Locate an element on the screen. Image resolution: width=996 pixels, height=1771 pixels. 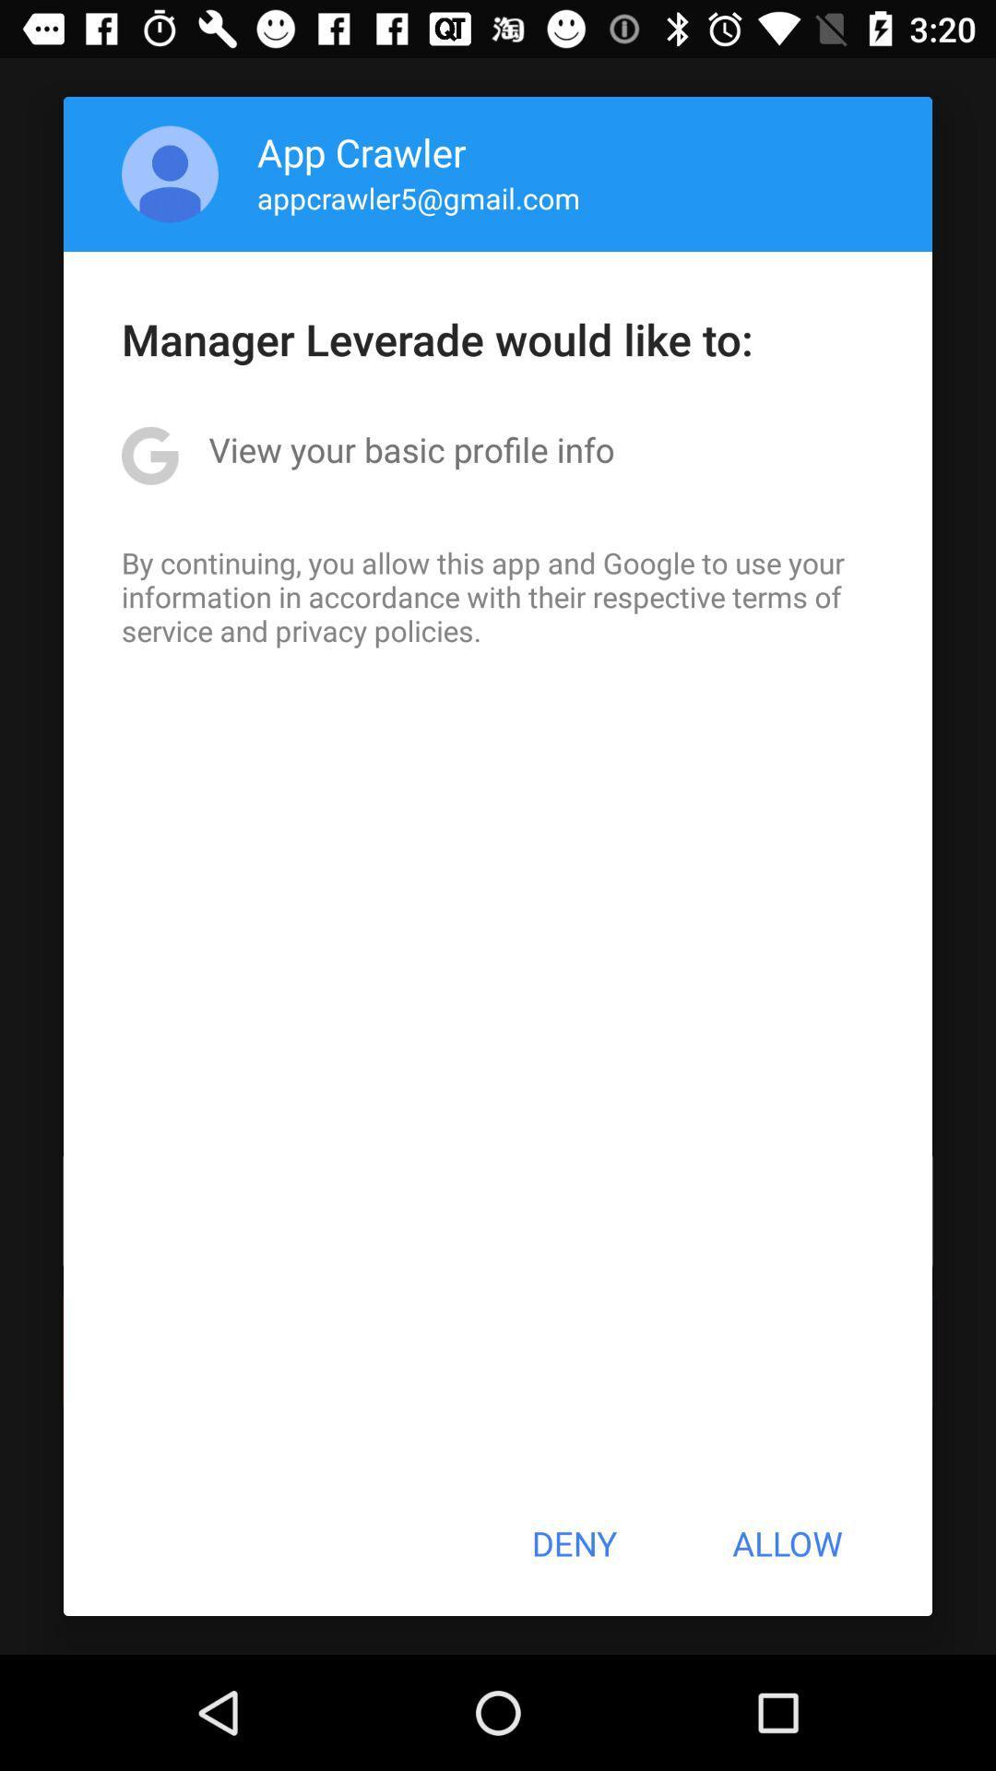
icon below by continuing you app is located at coordinates (573, 1543).